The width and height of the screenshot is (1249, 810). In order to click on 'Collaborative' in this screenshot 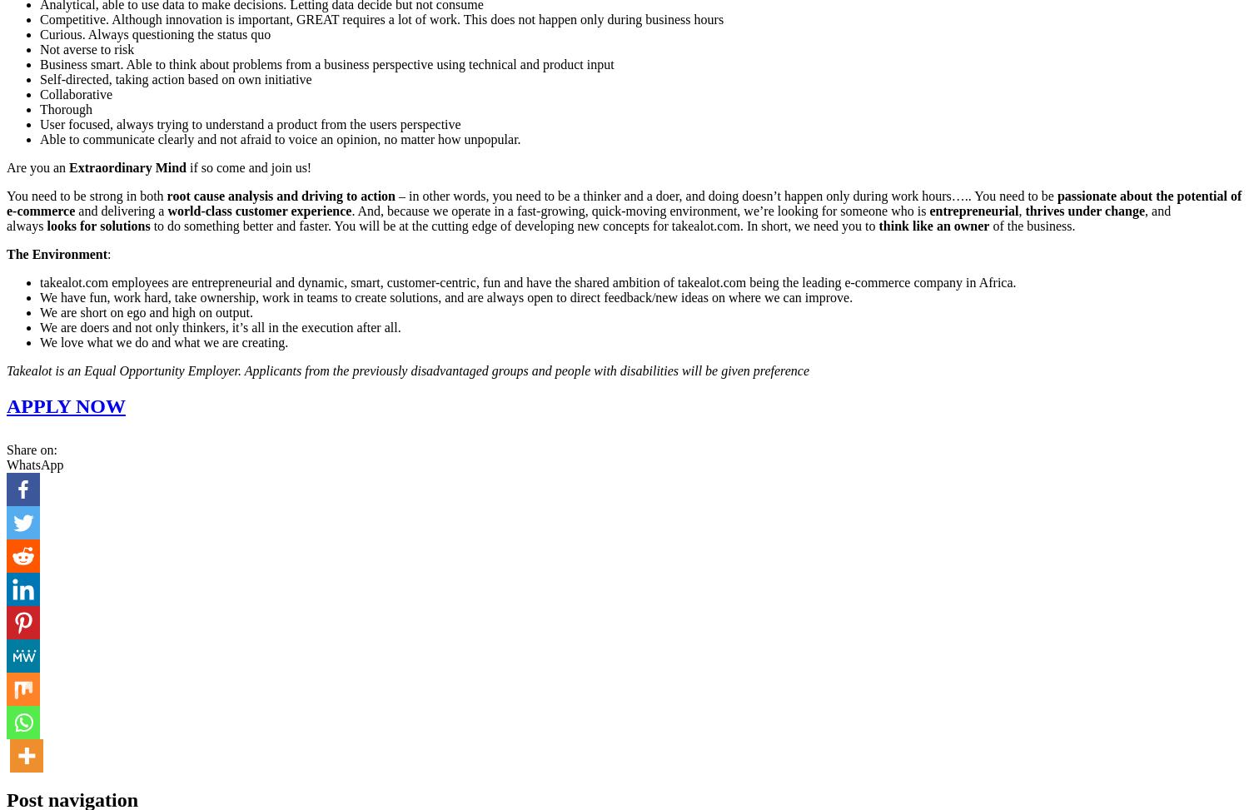, I will do `click(75, 93)`.